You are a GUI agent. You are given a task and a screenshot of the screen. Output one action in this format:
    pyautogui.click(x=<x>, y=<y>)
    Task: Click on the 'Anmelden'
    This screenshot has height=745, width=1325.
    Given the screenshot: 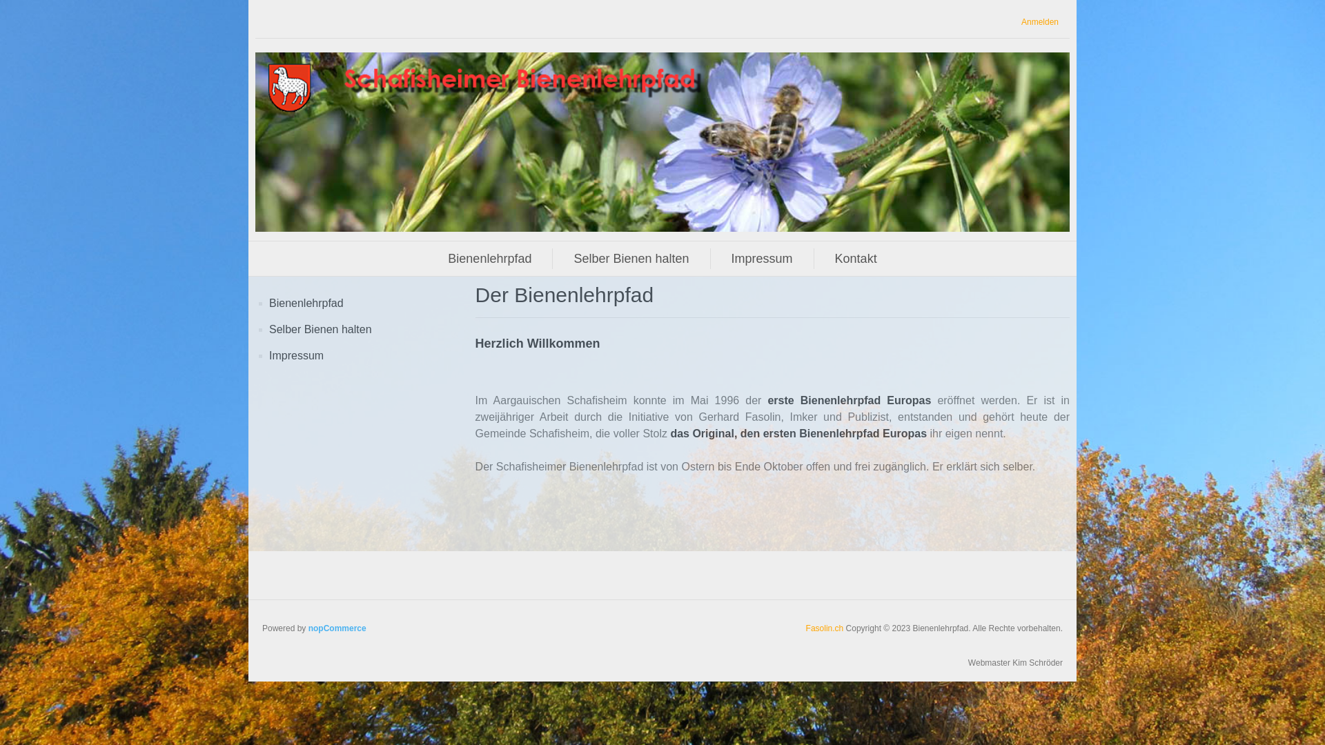 What is the action you would take?
    pyautogui.click(x=1021, y=22)
    